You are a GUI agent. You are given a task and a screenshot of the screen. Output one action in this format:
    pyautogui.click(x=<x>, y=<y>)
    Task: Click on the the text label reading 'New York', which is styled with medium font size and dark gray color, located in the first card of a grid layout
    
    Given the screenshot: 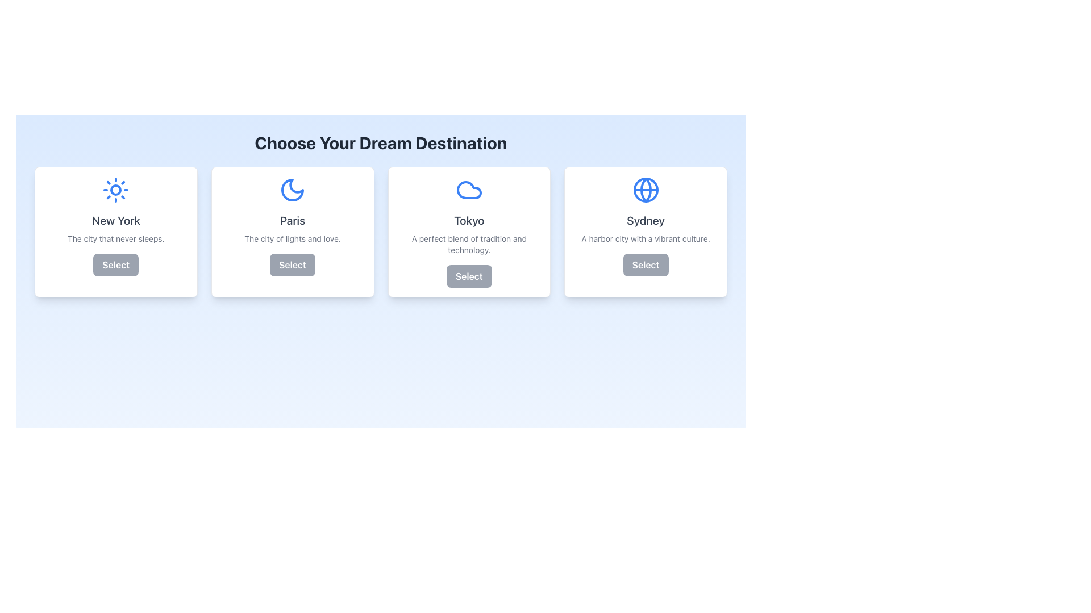 What is the action you would take?
    pyautogui.click(x=116, y=221)
    